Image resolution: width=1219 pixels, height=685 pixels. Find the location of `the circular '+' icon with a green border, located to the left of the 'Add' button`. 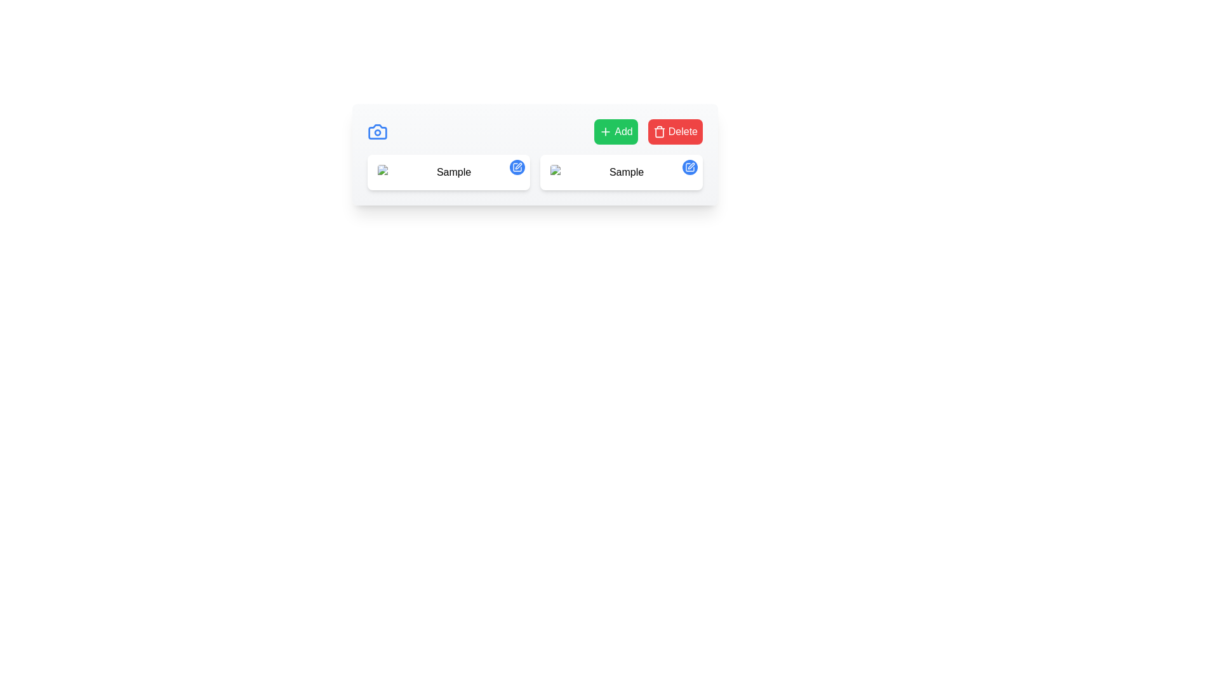

the circular '+' icon with a green border, located to the left of the 'Add' button is located at coordinates (605, 132).